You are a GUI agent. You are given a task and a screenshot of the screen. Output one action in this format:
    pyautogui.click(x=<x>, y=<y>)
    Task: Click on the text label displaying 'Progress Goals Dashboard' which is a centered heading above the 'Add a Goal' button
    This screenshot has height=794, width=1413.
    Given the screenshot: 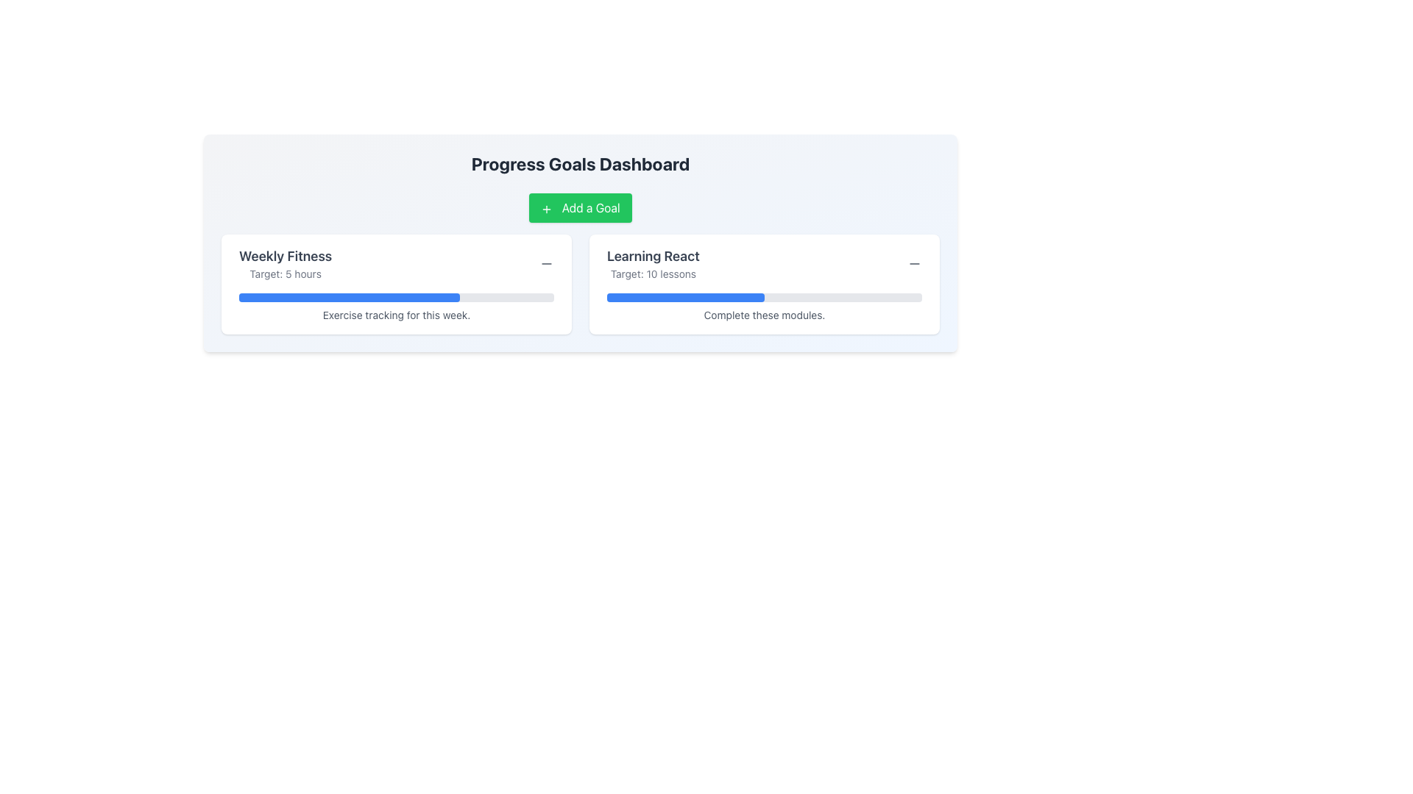 What is the action you would take?
    pyautogui.click(x=579, y=164)
    